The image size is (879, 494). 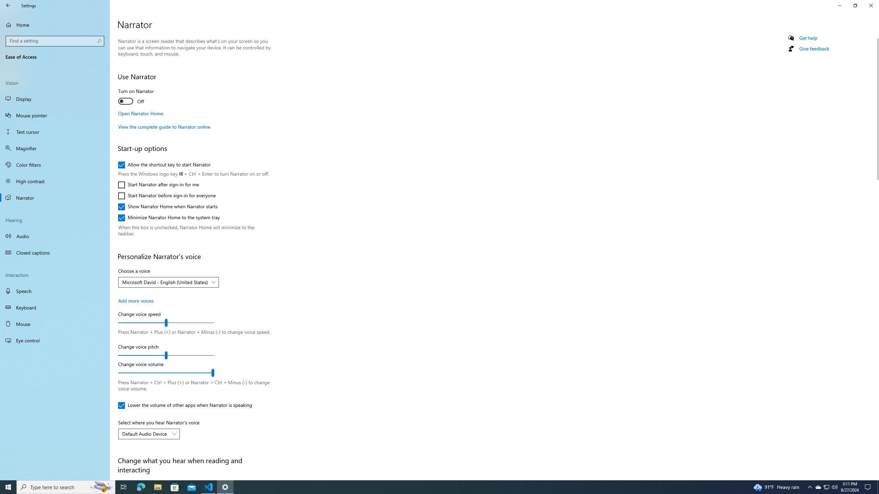 I want to click on 'Restore Settings', so click(x=855, y=5).